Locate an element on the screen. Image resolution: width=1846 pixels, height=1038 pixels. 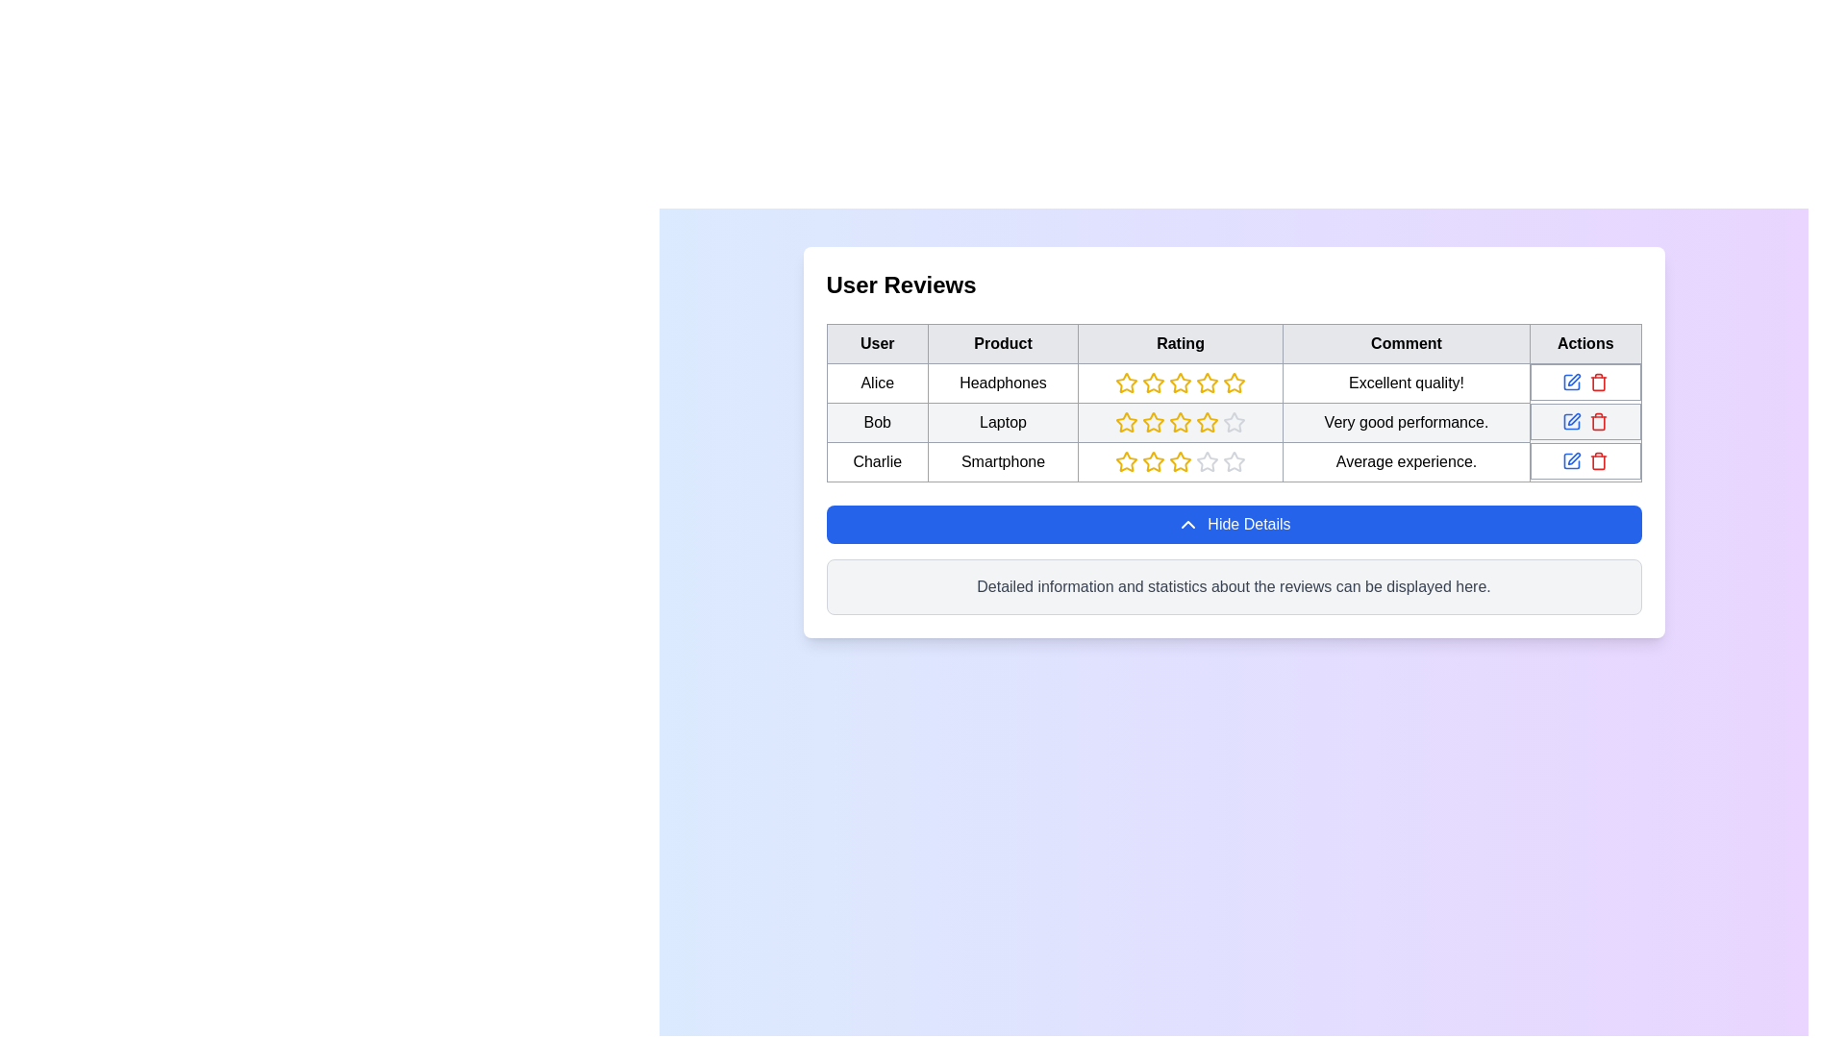
the fifth star-shaped icon in the rating system for the product 'Laptop', which is filled in yellow color is located at coordinates (1180, 421).